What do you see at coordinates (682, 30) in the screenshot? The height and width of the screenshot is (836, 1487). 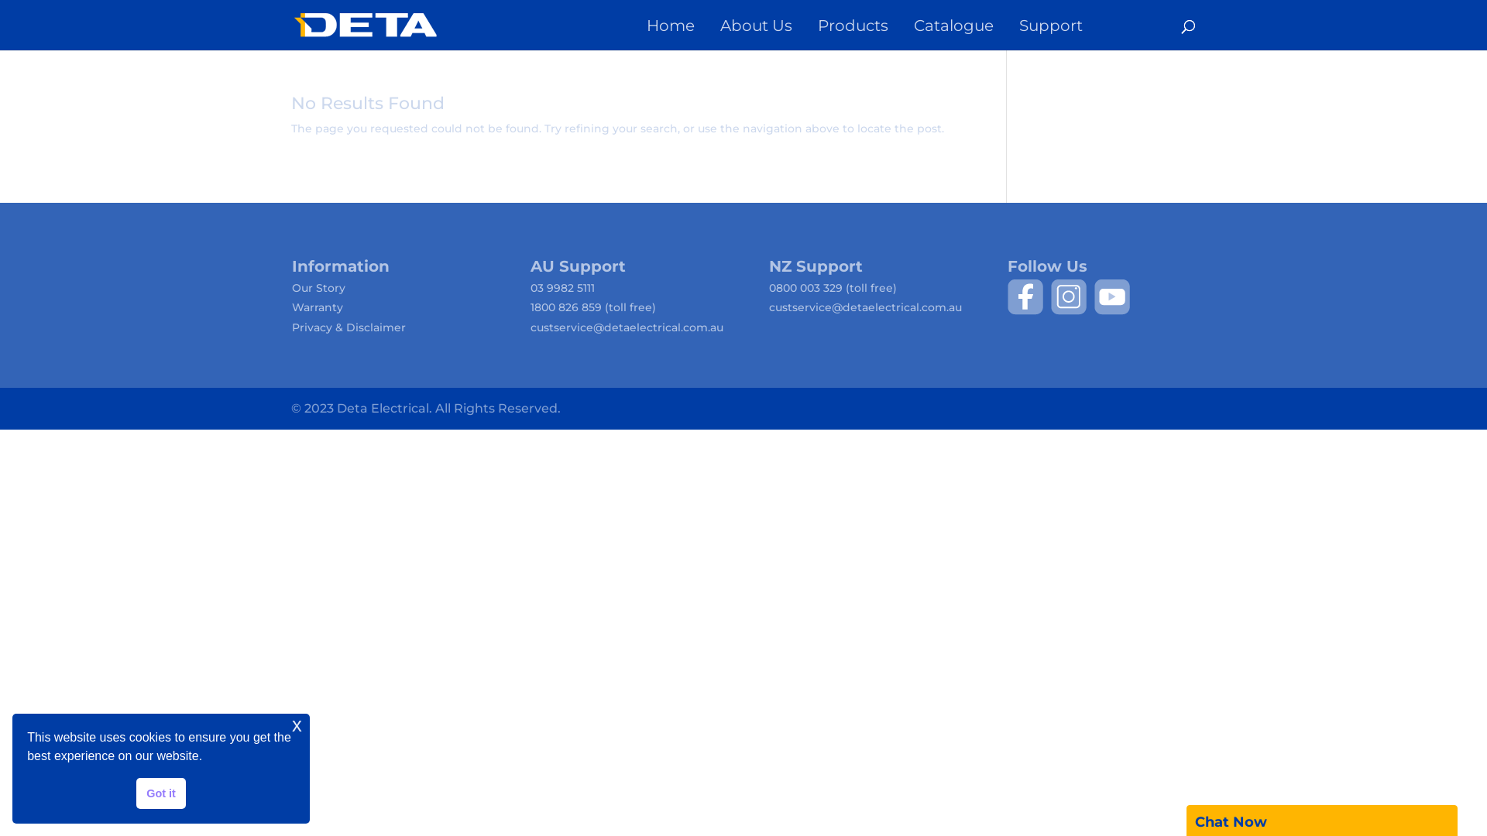 I see `'Home'` at bounding box center [682, 30].